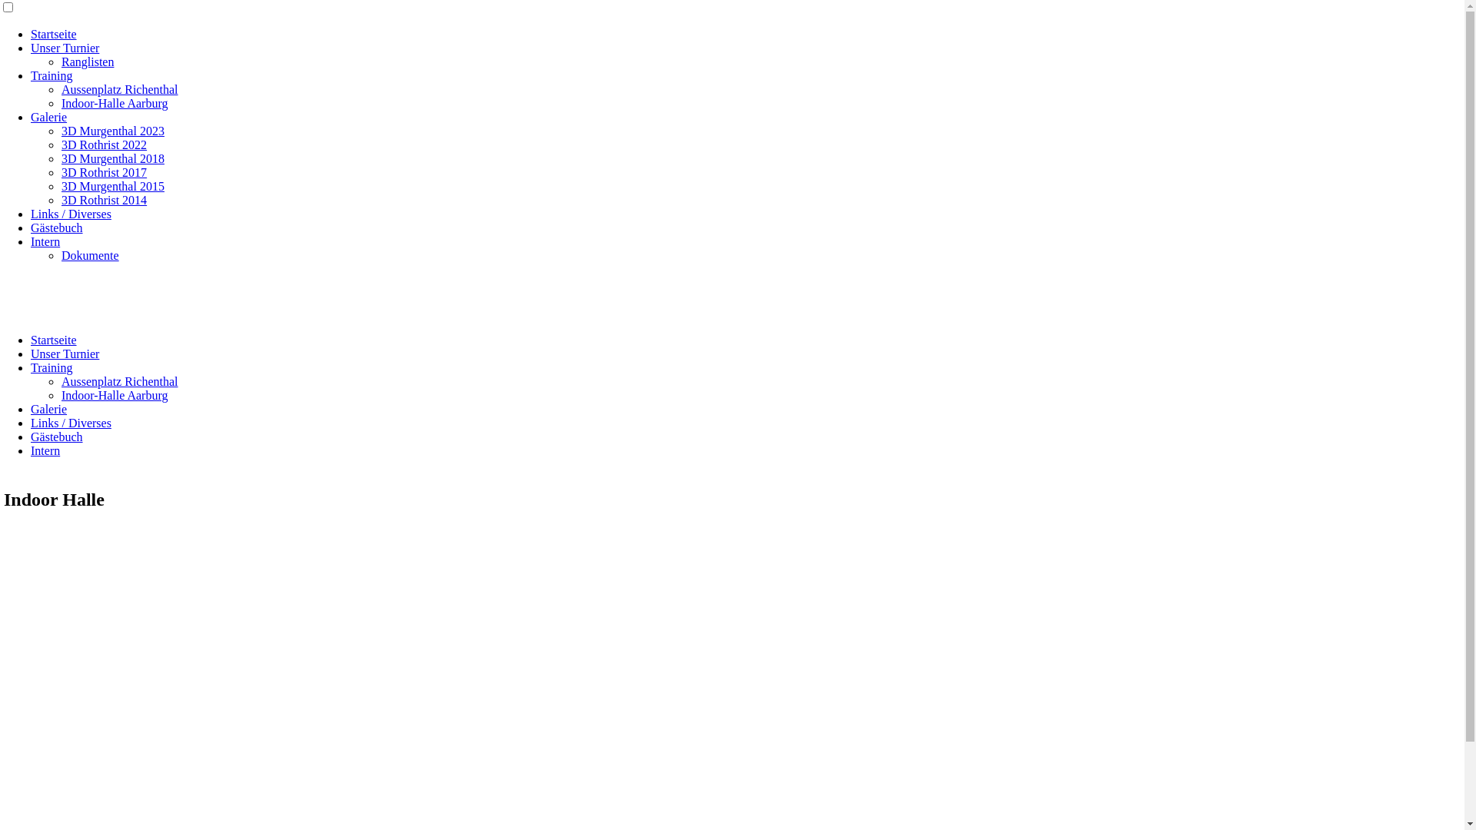 The height and width of the screenshot is (830, 1476). I want to click on 'Intern', so click(45, 241).